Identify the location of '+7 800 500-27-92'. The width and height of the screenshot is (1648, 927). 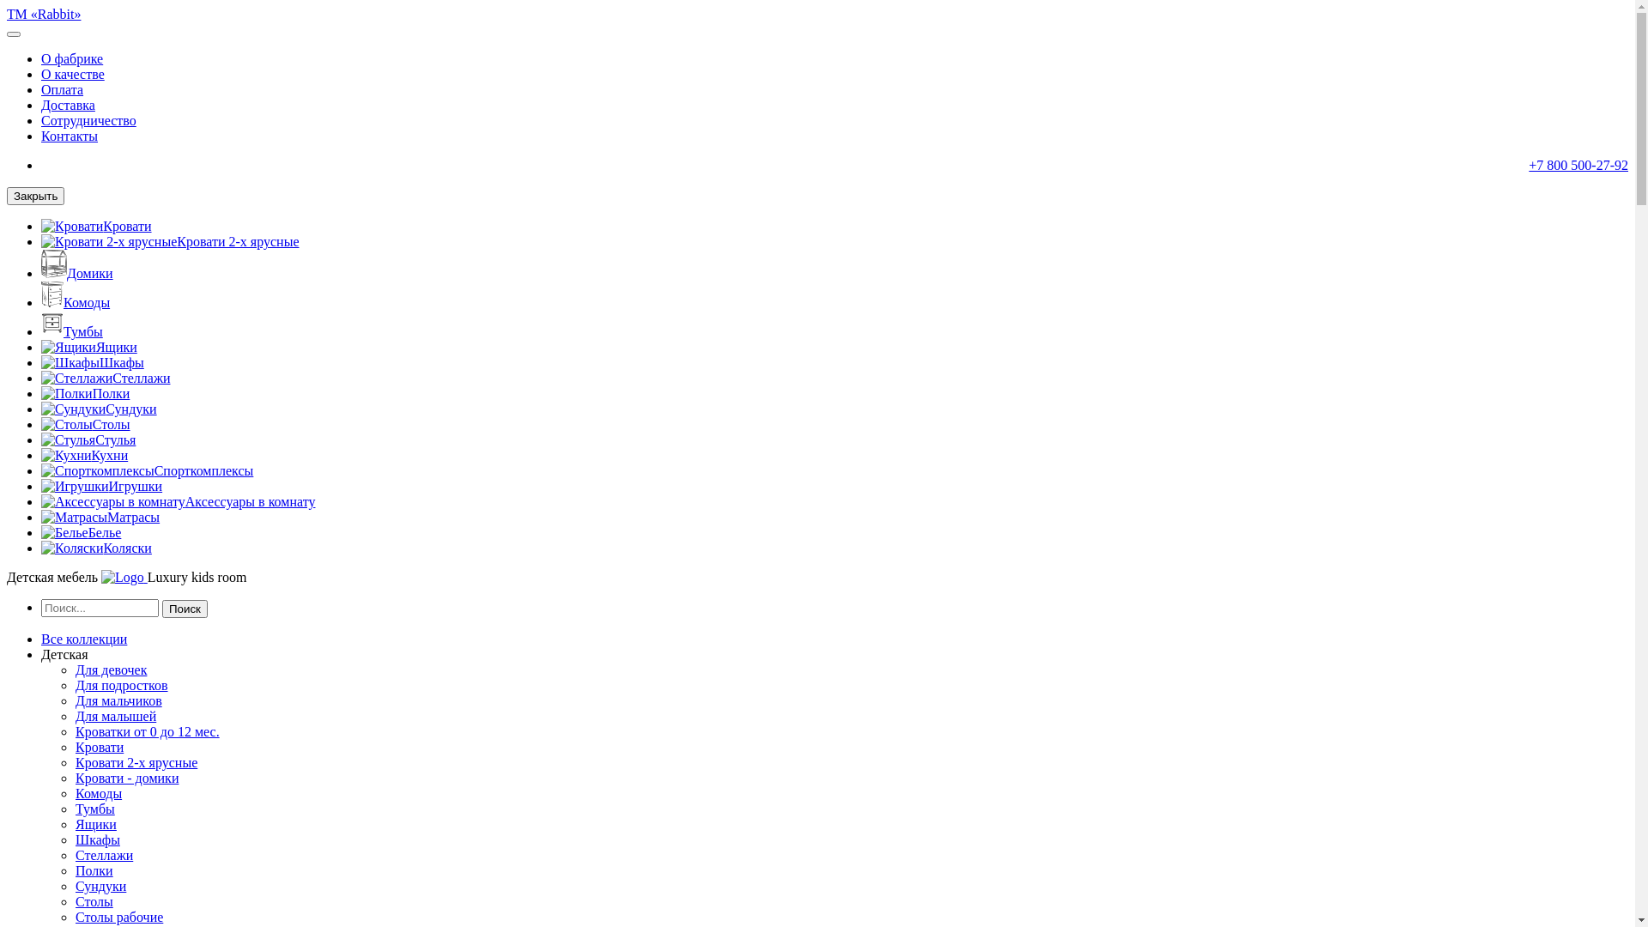
(1578, 165).